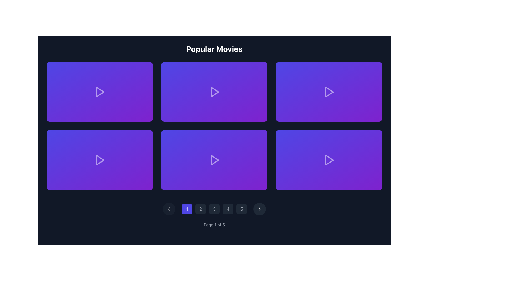 This screenshot has width=505, height=284. I want to click on the play icon located in the third card of the first row under the 'Popular Movies' title to play the associated media, so click(329, 91).